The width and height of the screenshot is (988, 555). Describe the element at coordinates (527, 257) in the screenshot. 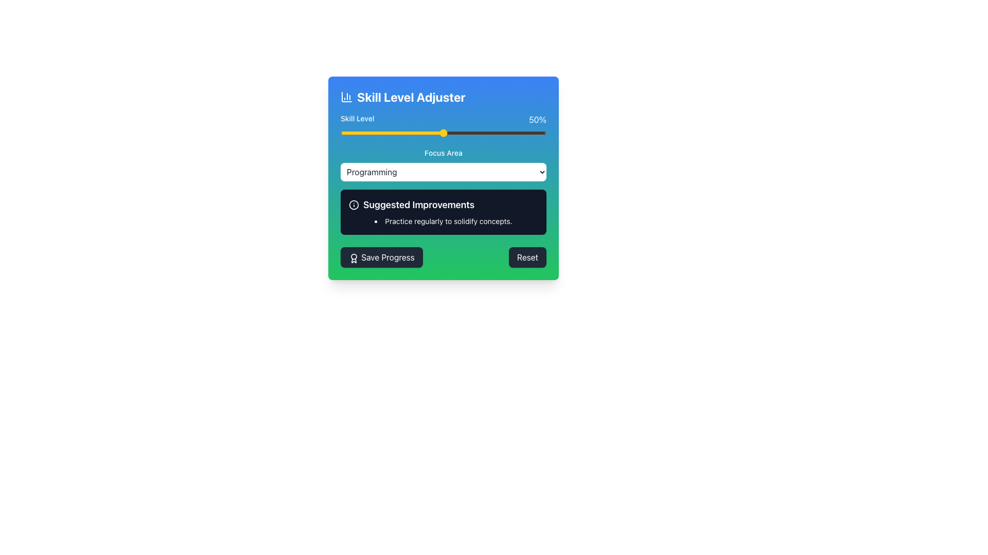

I see `the 'Reset' button located in the bottom-right corner of the interface to reset the current settings` at that location.